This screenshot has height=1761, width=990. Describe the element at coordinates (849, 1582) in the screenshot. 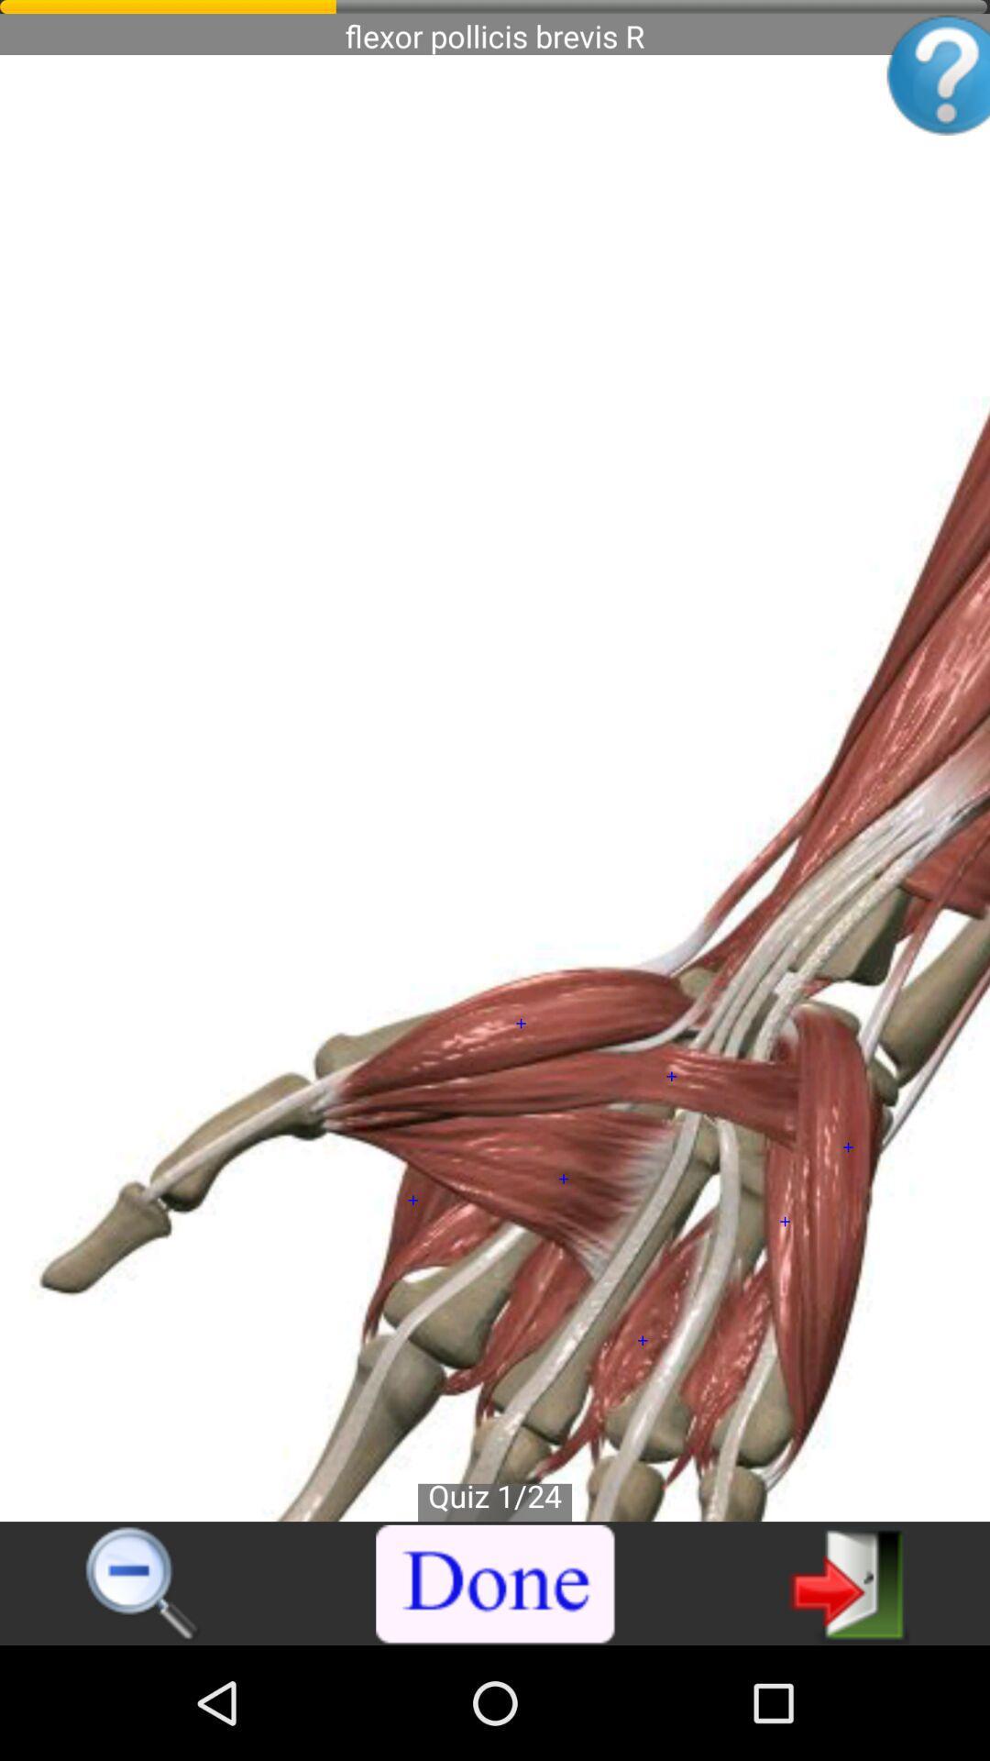

I see `exit app` at that location.